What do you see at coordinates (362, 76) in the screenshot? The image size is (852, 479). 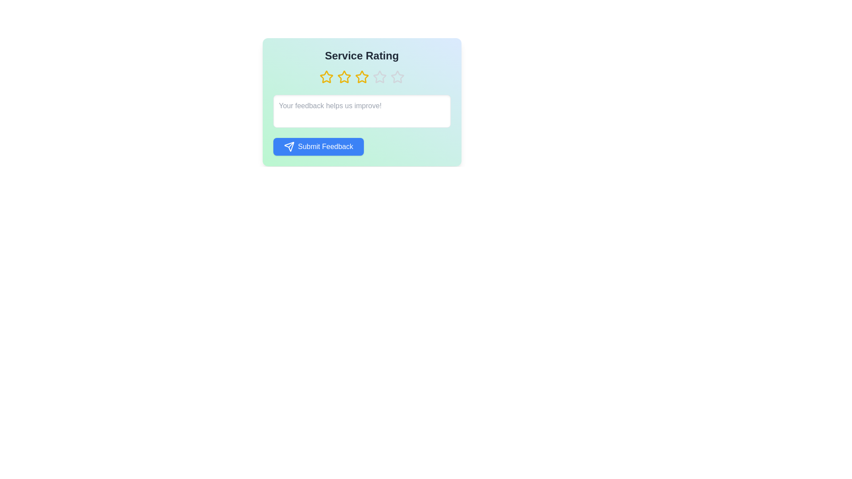 I see `the rating stars located beneath the heading 'Service Rating' and above the feedback text box` at bounding box center [362, 76].